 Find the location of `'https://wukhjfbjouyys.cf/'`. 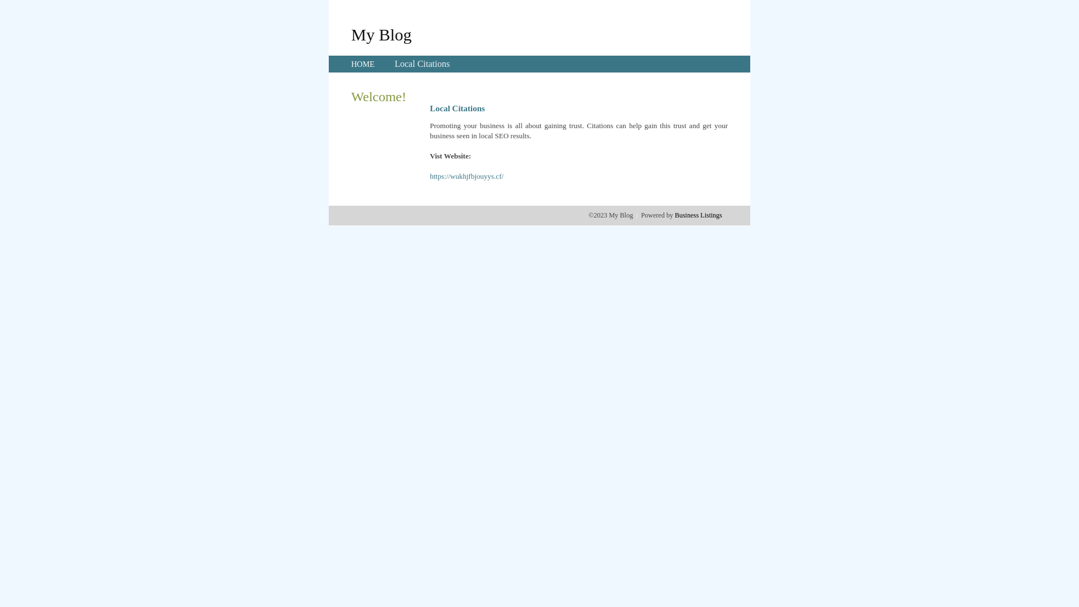

'https://wukhjfbjouyys.cf/' is located at coordinates (466, 176).